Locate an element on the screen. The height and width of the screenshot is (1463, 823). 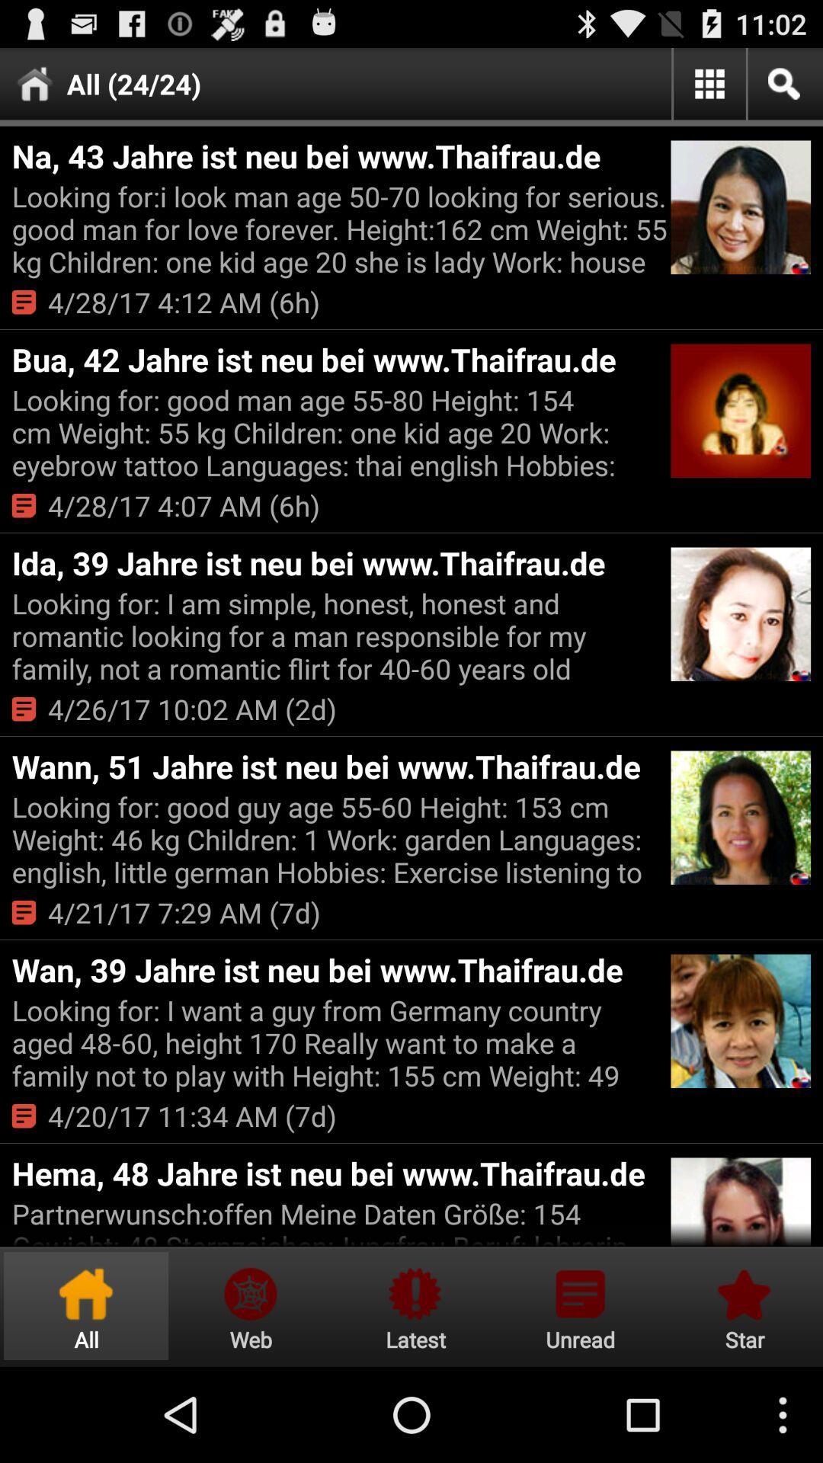
the hema 48 jahre is located at coordinates (338, 1172).